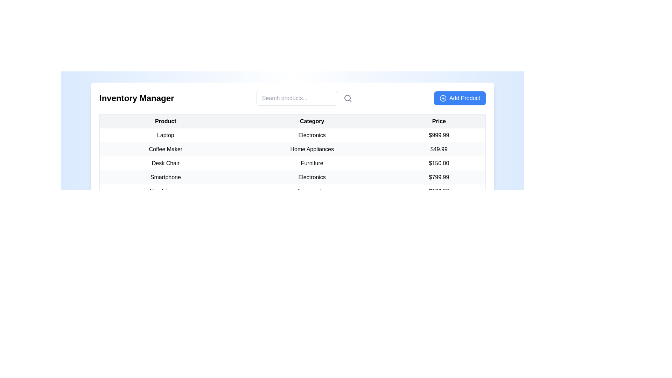 This screenshot has height=378, width=672. I want to click on the Text header for the column that categorizes items listed below in the table, positioned between the 'Product' and 'Price' headers, so click(311, 121).